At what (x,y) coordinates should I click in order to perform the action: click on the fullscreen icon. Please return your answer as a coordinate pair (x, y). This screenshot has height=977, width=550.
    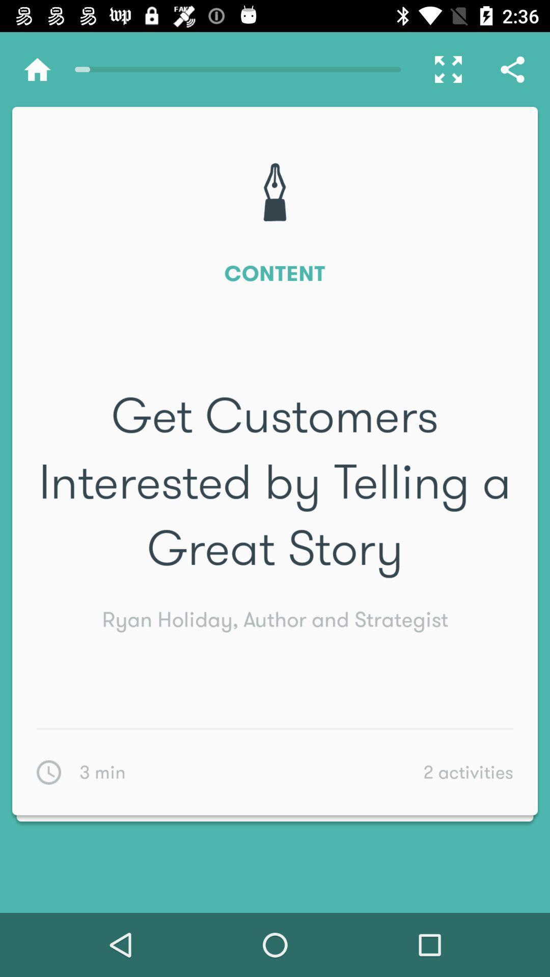
    Looking at the image, I should click on (443, 69).